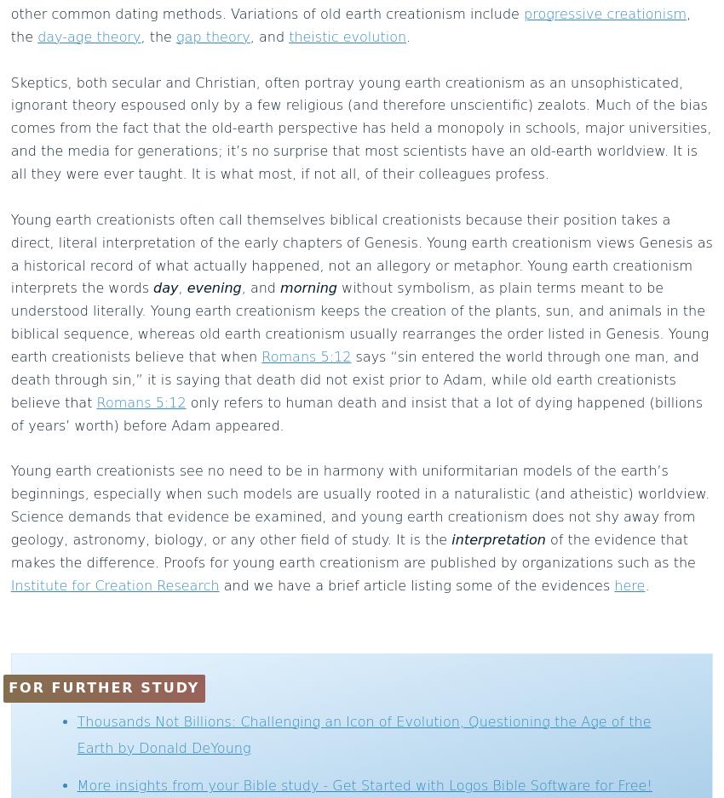 The width and height of the screenshot is (724, 798). What do you see at coordinates (348, 35) in the screenshot?
I see `'theistic evolution'` at bounding box center [348, 35].